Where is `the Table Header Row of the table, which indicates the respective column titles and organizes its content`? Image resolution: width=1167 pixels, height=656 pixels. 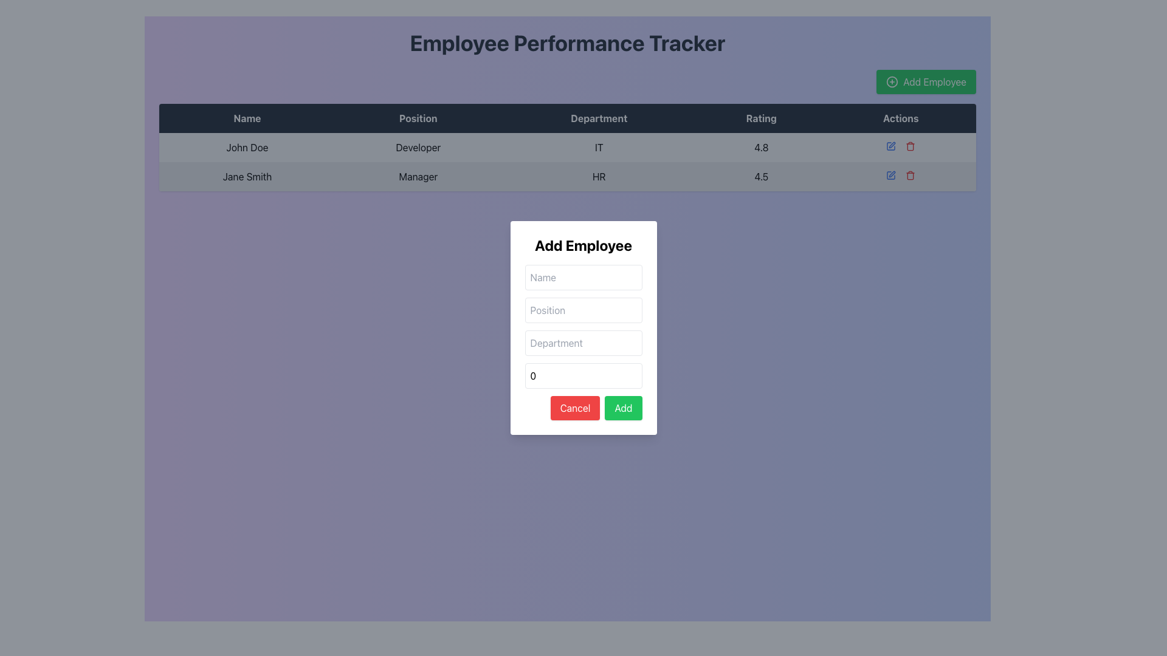 the Table Header Row of the table, which indicates the respective column titles and organizes its content is located at coordinates (567, 118).